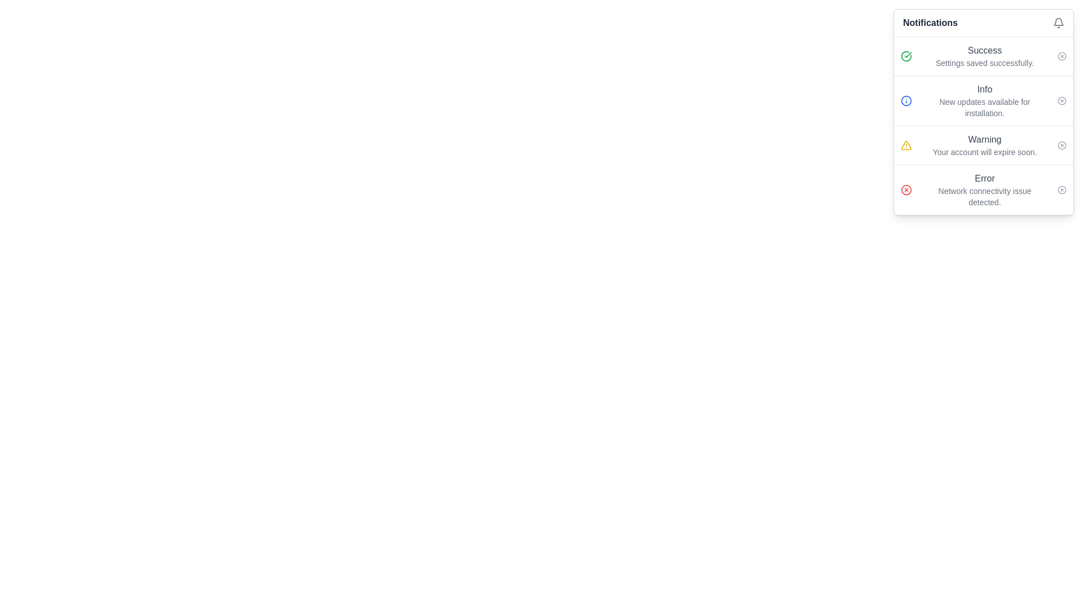  What do you see at coordinates (1061, 100) in the screenshot?
I see `the dismiss button for the 'Info' notification located at the far-right end of the notification panel's 'Info' section` at bounding box center [1061, 100].